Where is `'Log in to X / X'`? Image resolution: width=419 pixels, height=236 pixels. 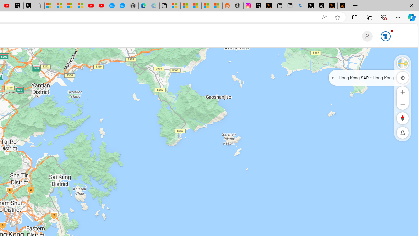 'Log in to X / X' is located at coordinates (259, 6).